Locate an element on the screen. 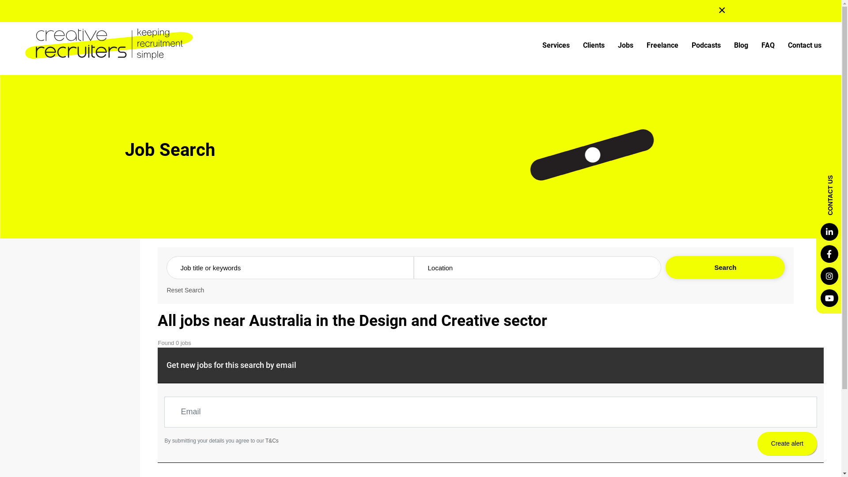 This screenshot has width=848, height=477. 'T&Cs' is located at coordinates (271, 440).